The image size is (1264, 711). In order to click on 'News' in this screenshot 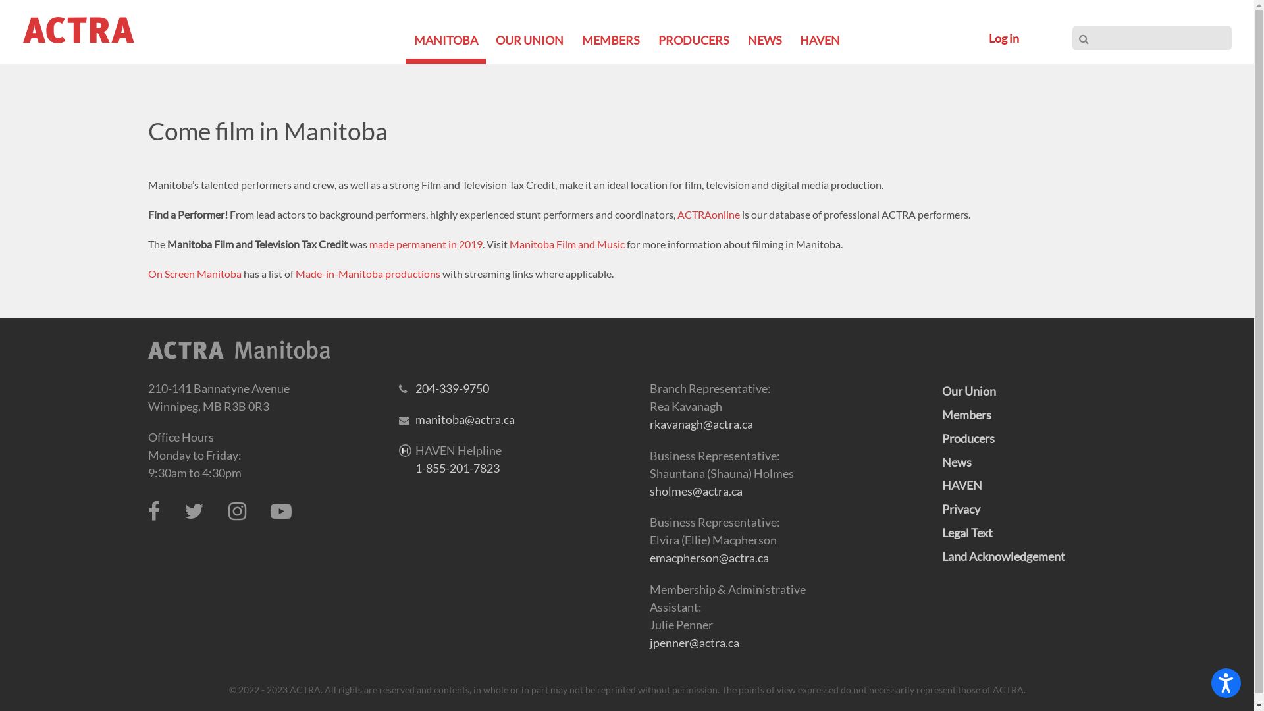, I will do `click(956, 461)`.